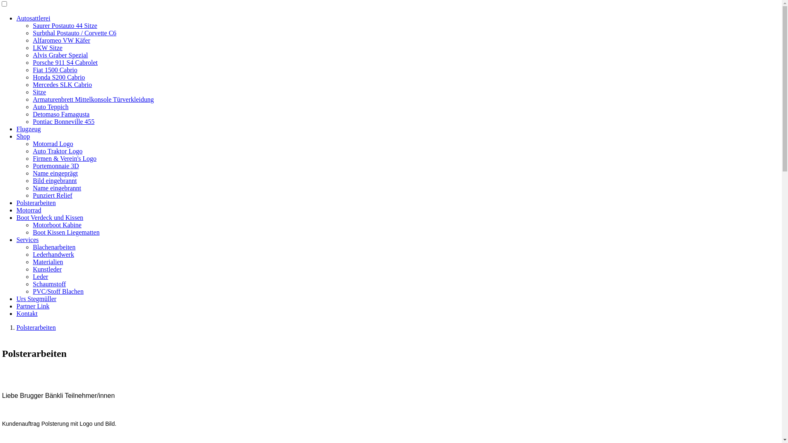 Image resolution: width=788 pixels, height=443 pixels. I want to click on 'Partner Link', so click(33, 306).